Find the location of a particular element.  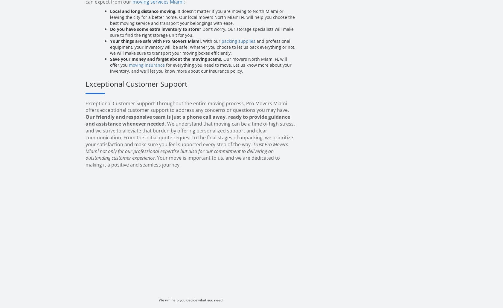

'We understand that moving can be a time of high stress, and we strive to alleviate that burden by offering personalized support and clear communication. From the initial quote request to the final stages of unpacking, we prioritize your satisfaction and make sure you feel supported every step of the way.' is located at coordinates (190, 134).